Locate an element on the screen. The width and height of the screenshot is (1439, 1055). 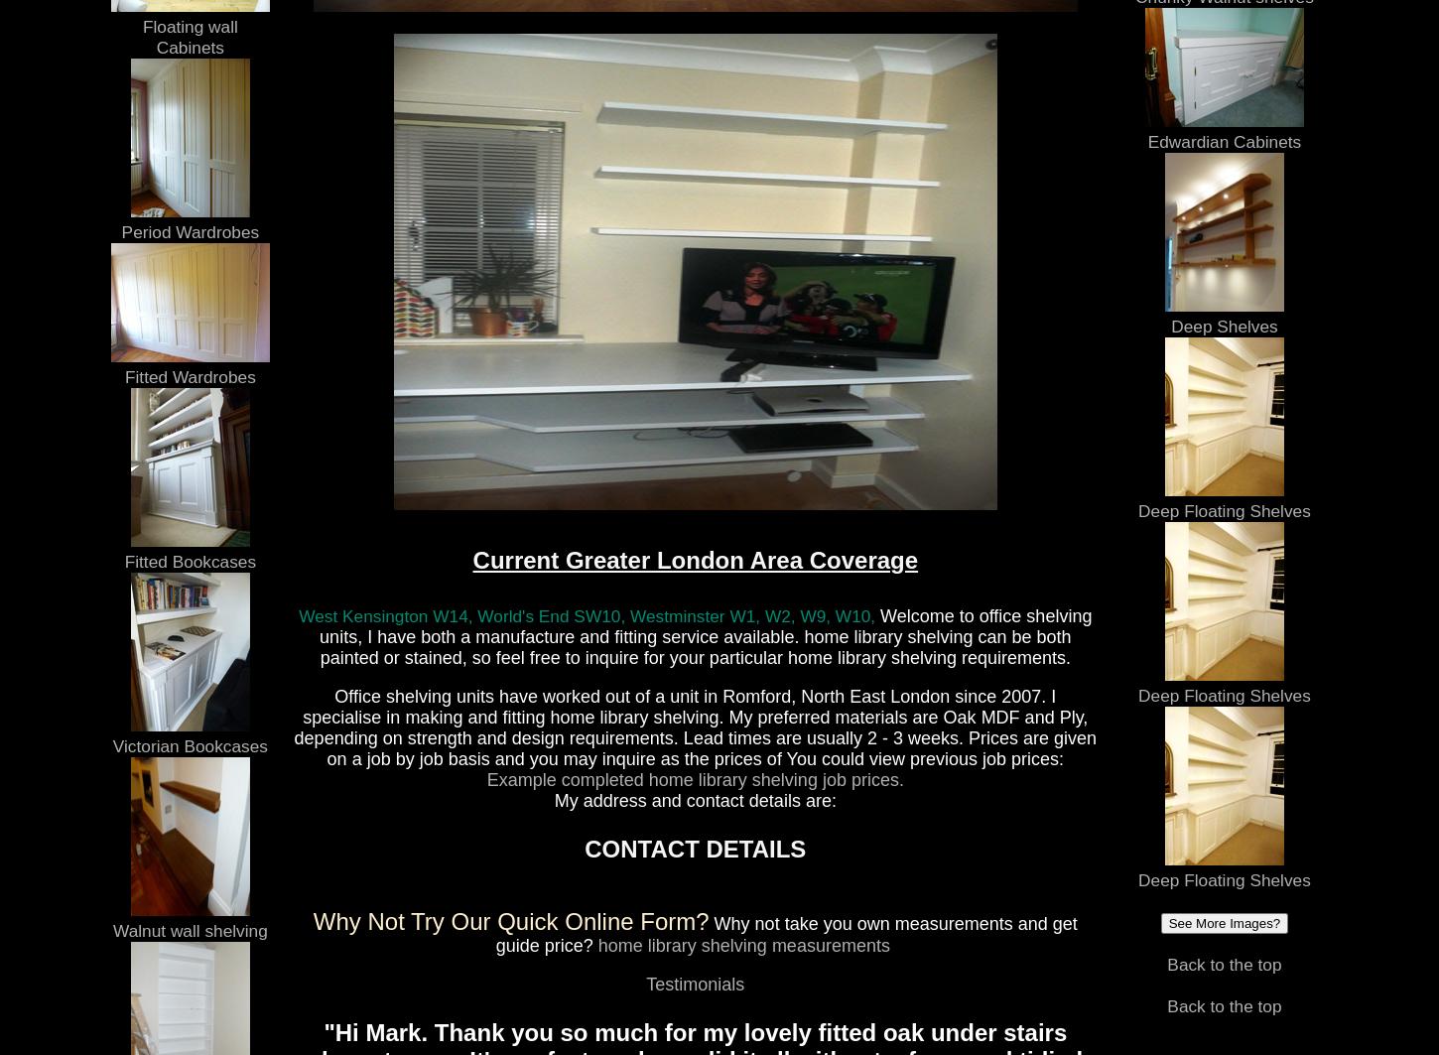
'Edwardian Cabinets' is located at coordinates (1224, 141).